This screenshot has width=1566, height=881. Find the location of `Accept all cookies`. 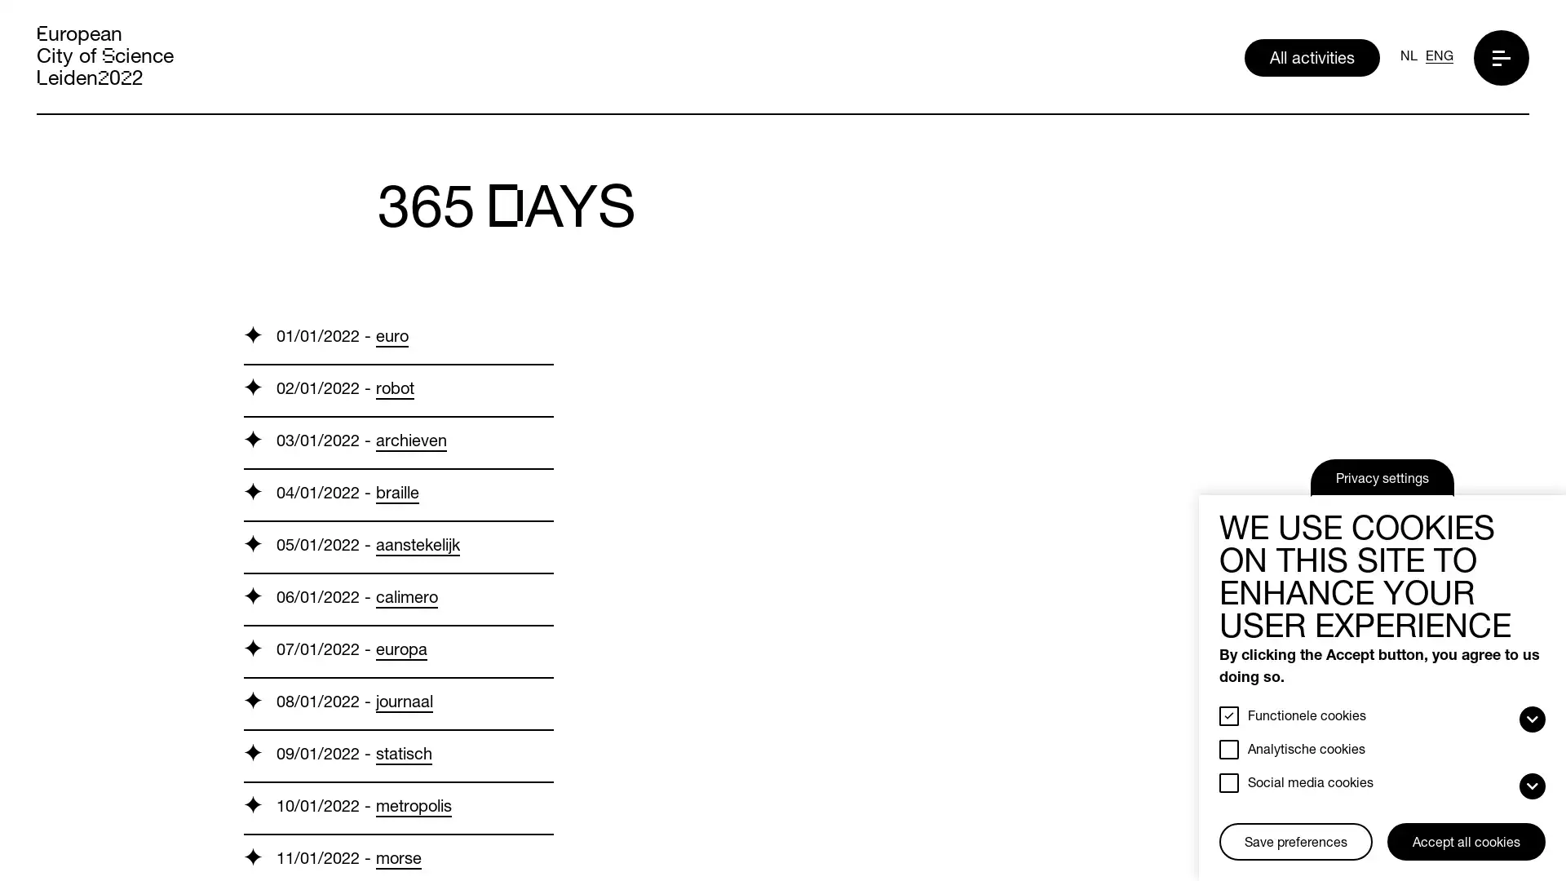

Accept all cookies is located at coordinates (1466, 842).